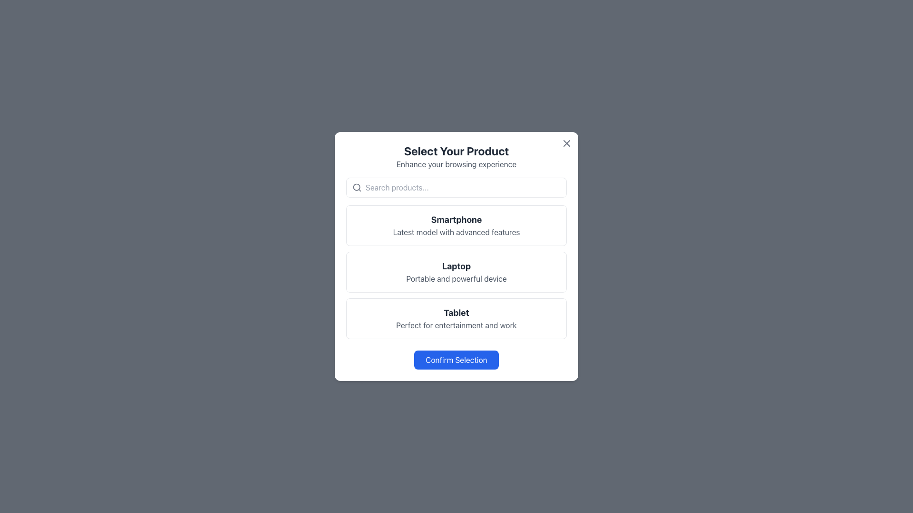 The width and height of the screenshot is (913, 513). I want to click on the text label displaying 'Perfect for entertainment and work', which is located beneath the bold title 'Tablet' in the third option card, so click(456, 325).